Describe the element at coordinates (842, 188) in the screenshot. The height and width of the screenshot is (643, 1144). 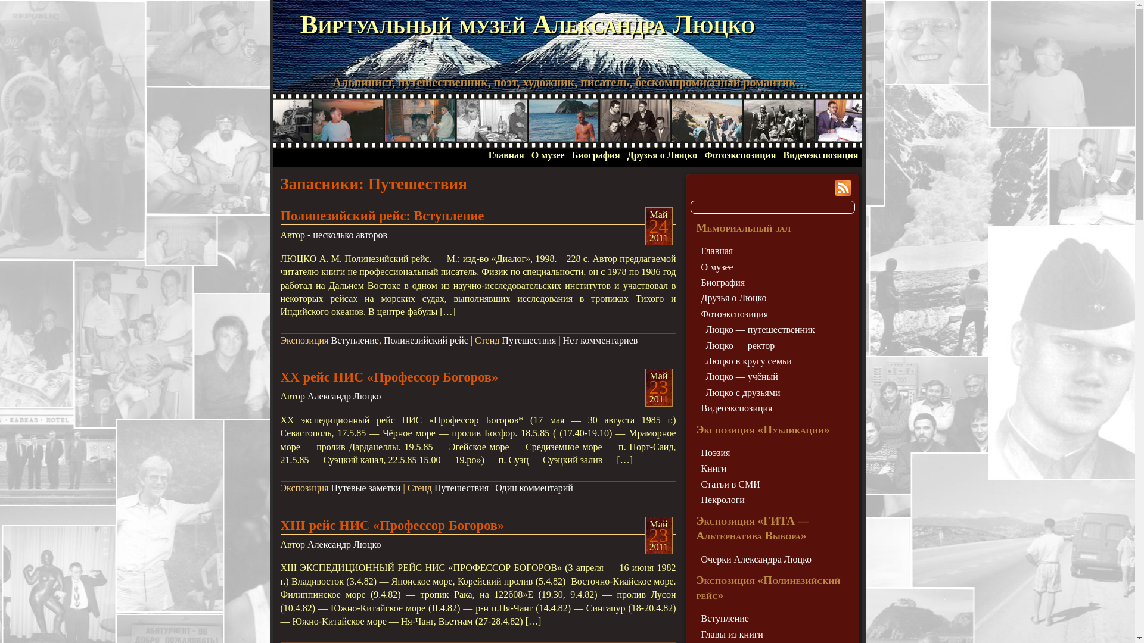
I see `'Syndicate this site using RSS'` at that location.